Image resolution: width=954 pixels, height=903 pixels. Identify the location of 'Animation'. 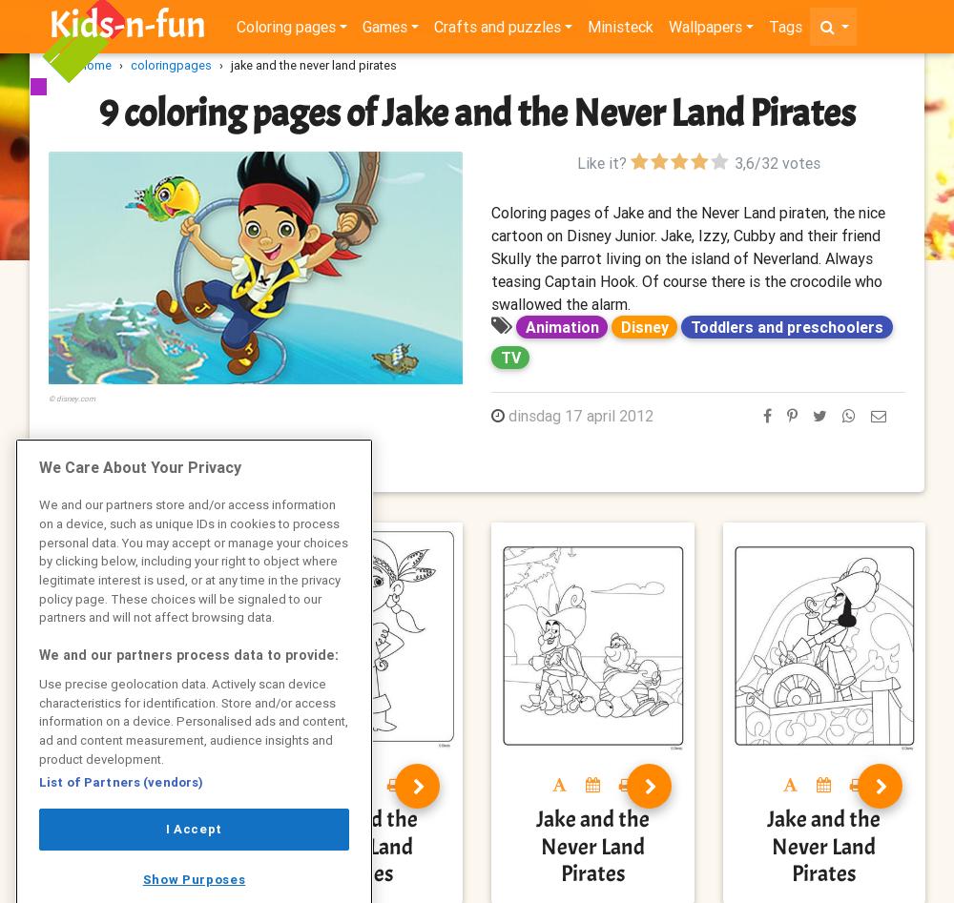
(560, 324).